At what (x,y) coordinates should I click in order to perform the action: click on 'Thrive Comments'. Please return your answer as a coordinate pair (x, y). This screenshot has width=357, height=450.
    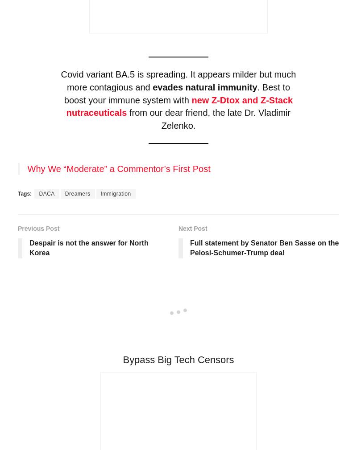
    Looking at the image, I should click on (57, 436).